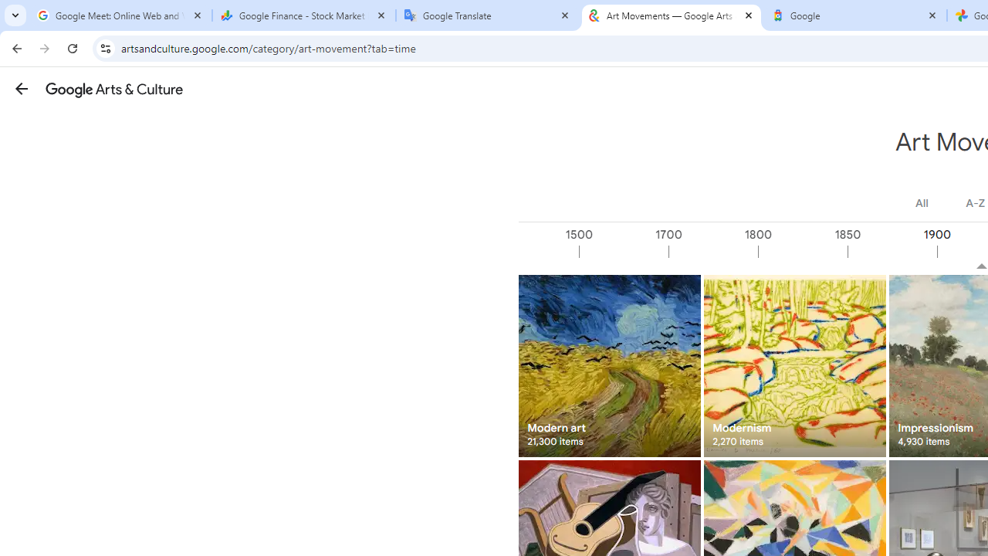 The image size is (988, 556). I want to click on 'Google Translate', so click(487, 15).